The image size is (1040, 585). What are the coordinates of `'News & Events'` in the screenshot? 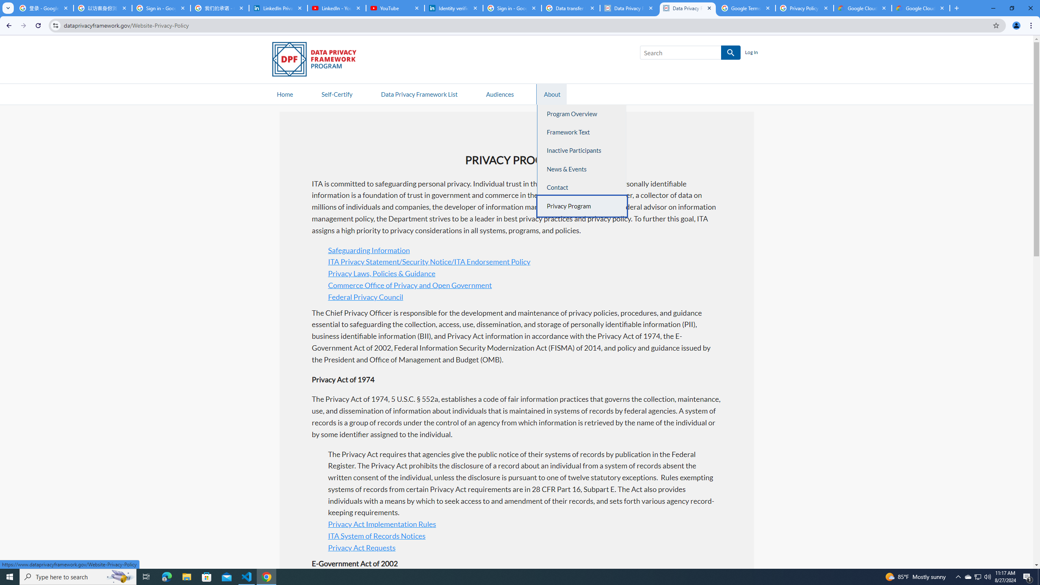 It's located at (582, 169).